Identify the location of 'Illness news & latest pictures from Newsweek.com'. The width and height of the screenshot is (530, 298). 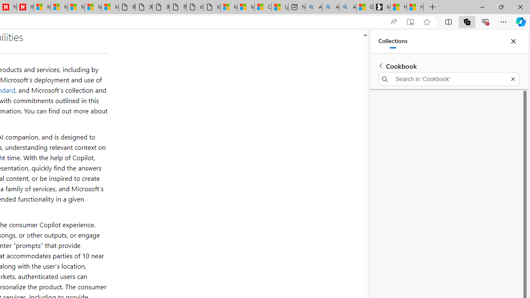
(25, 7).